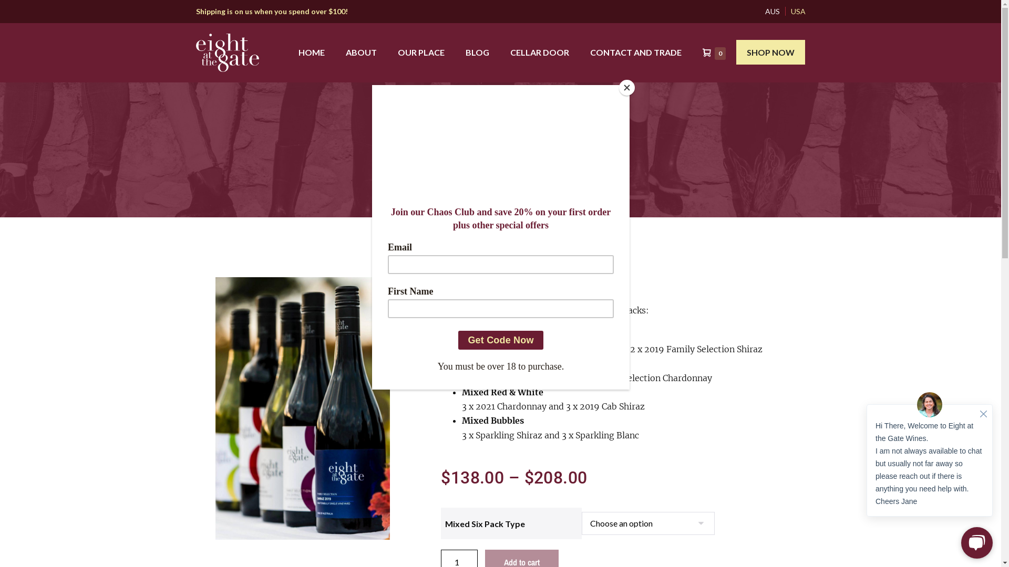  I want to click on 'SHOP NOW', so click(736, 52).